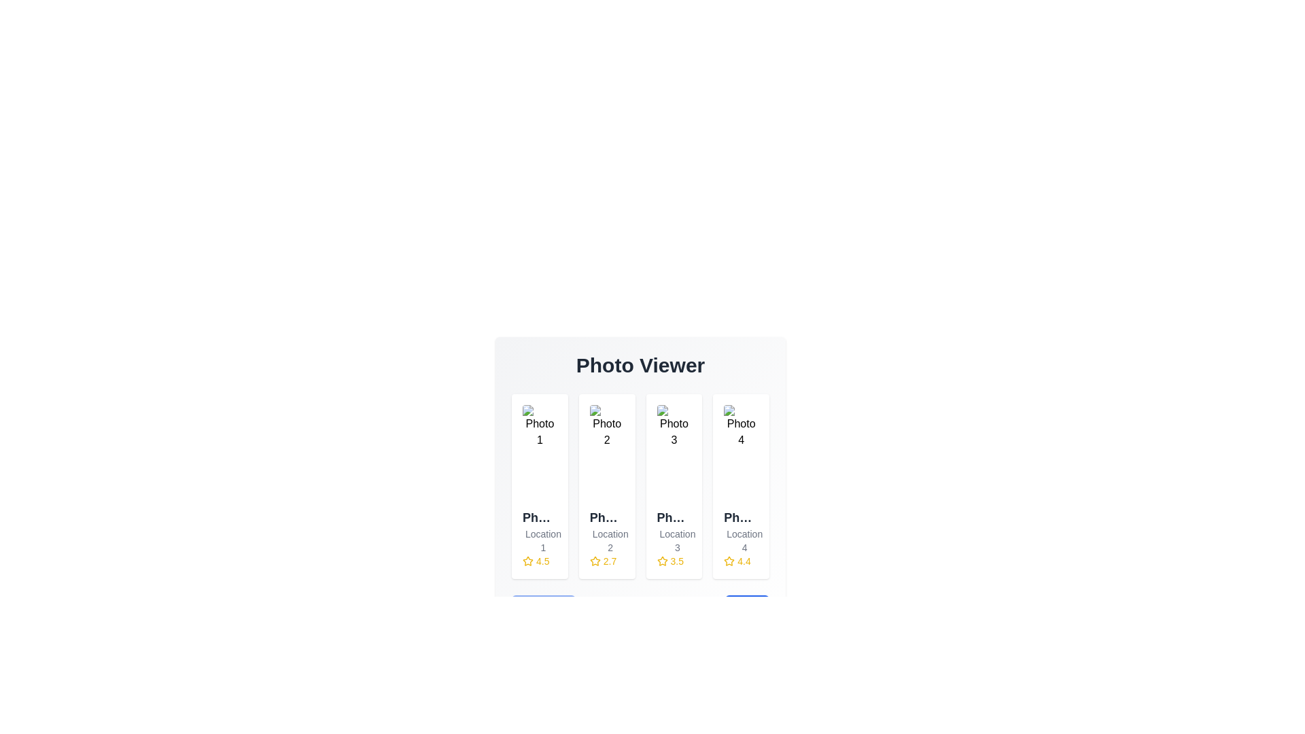 This screenshot has height=734, width=1305. What do you see at coordinates (674, 518) in the screenshot?
I see `the content of the text label displaying 'Photo 3', which is styled in bold and medium-sized font within a card structure in the Photo Viewer section` at bounding box center [674, 518].